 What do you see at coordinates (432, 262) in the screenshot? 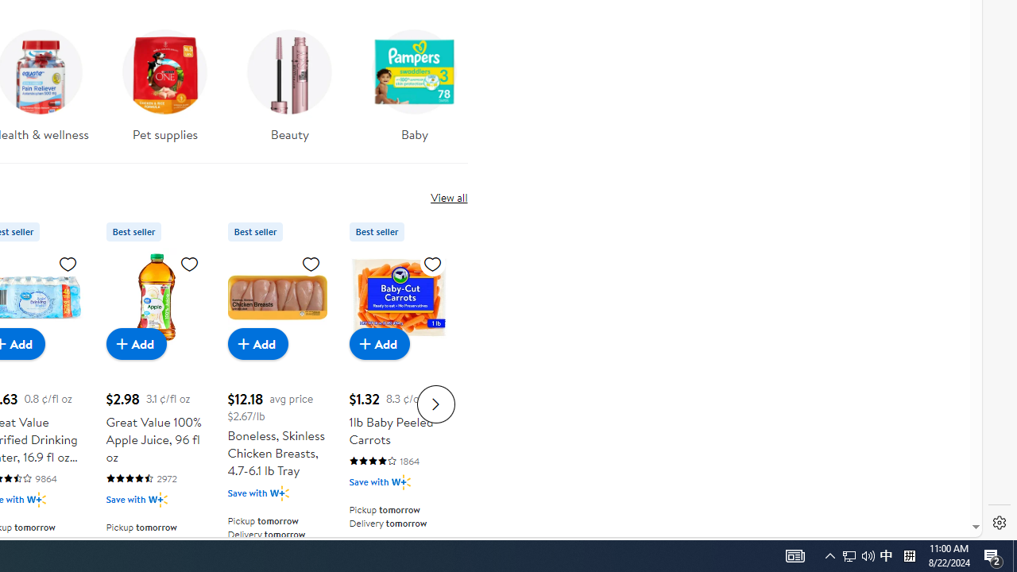
I see `'Sign in to add to Favorites list, 1lb Baby Peeled Carrots'` at bounding box center [432, 262].